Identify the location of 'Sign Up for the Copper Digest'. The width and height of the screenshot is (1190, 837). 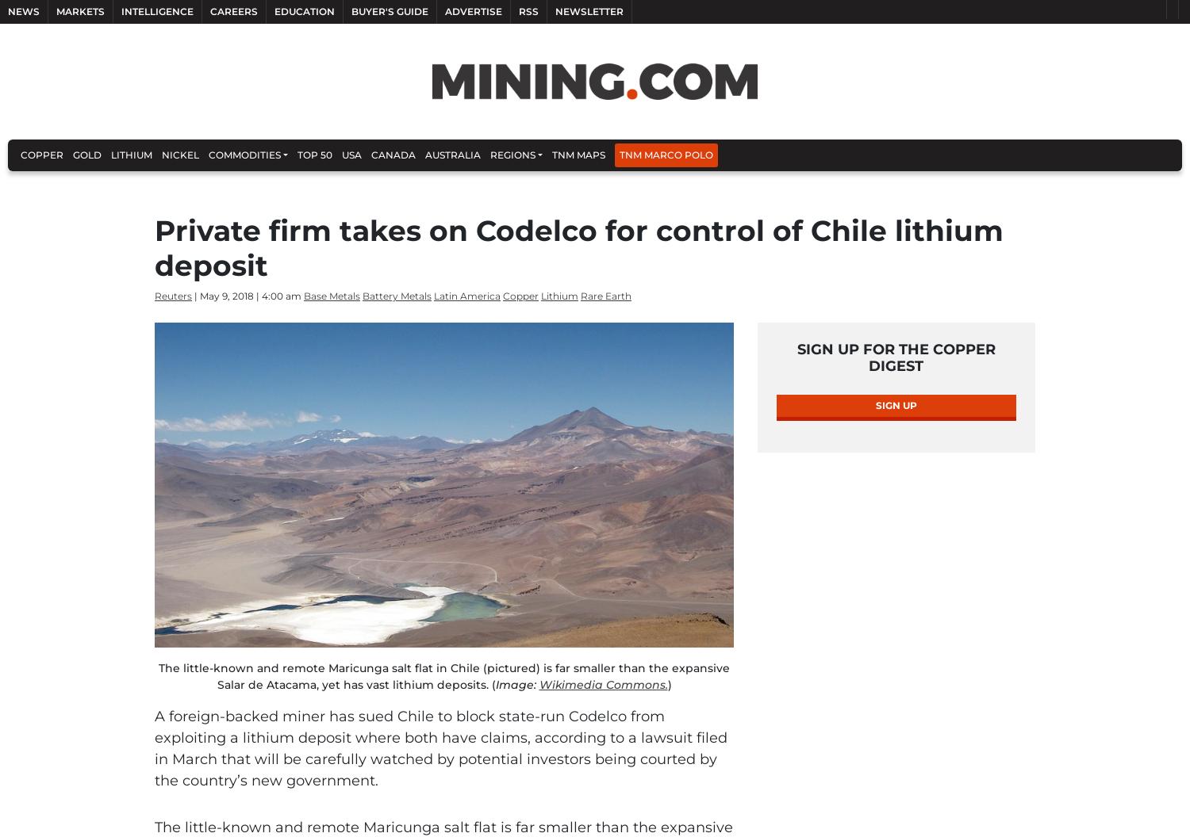
(896, 357).